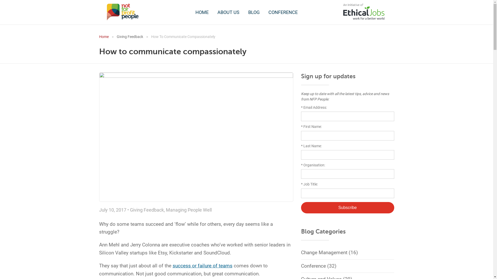 The height and width of the screenshot is (279, 497). I want to click on 'Managing People Well', so click(188, 210).